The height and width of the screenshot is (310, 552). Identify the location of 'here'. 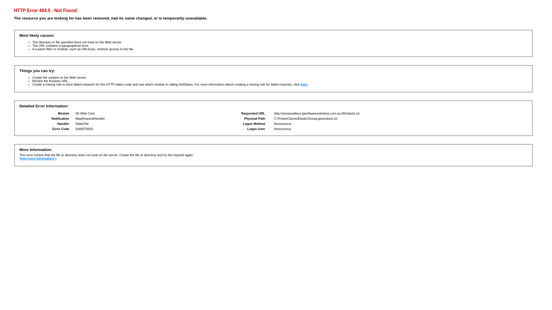
(300, 84).